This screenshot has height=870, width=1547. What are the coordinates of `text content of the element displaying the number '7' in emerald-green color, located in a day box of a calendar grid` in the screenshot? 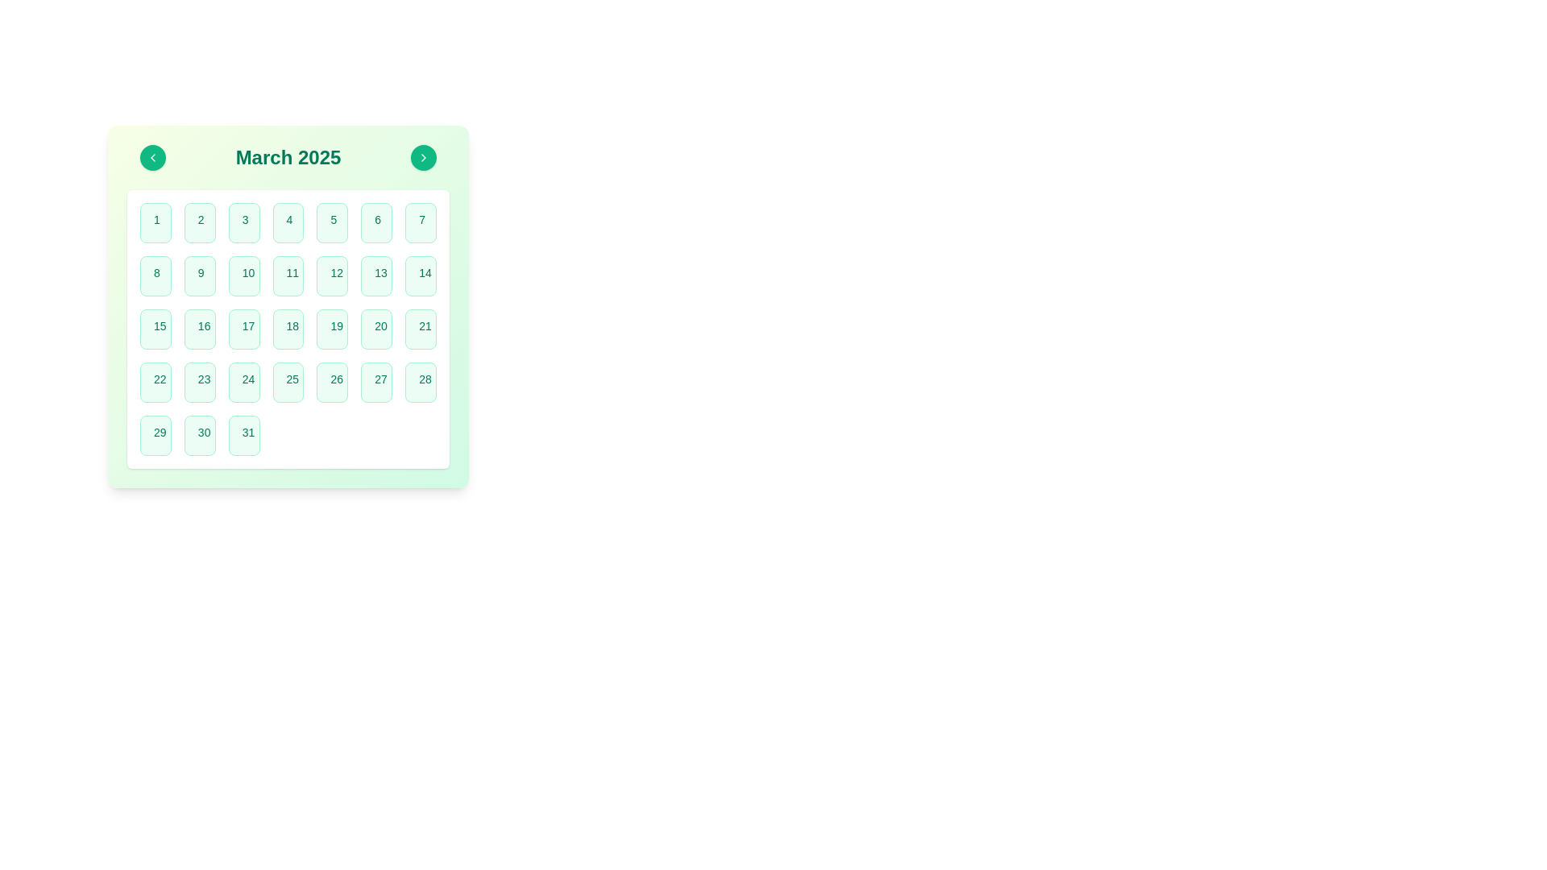 It's located at (421, 220).